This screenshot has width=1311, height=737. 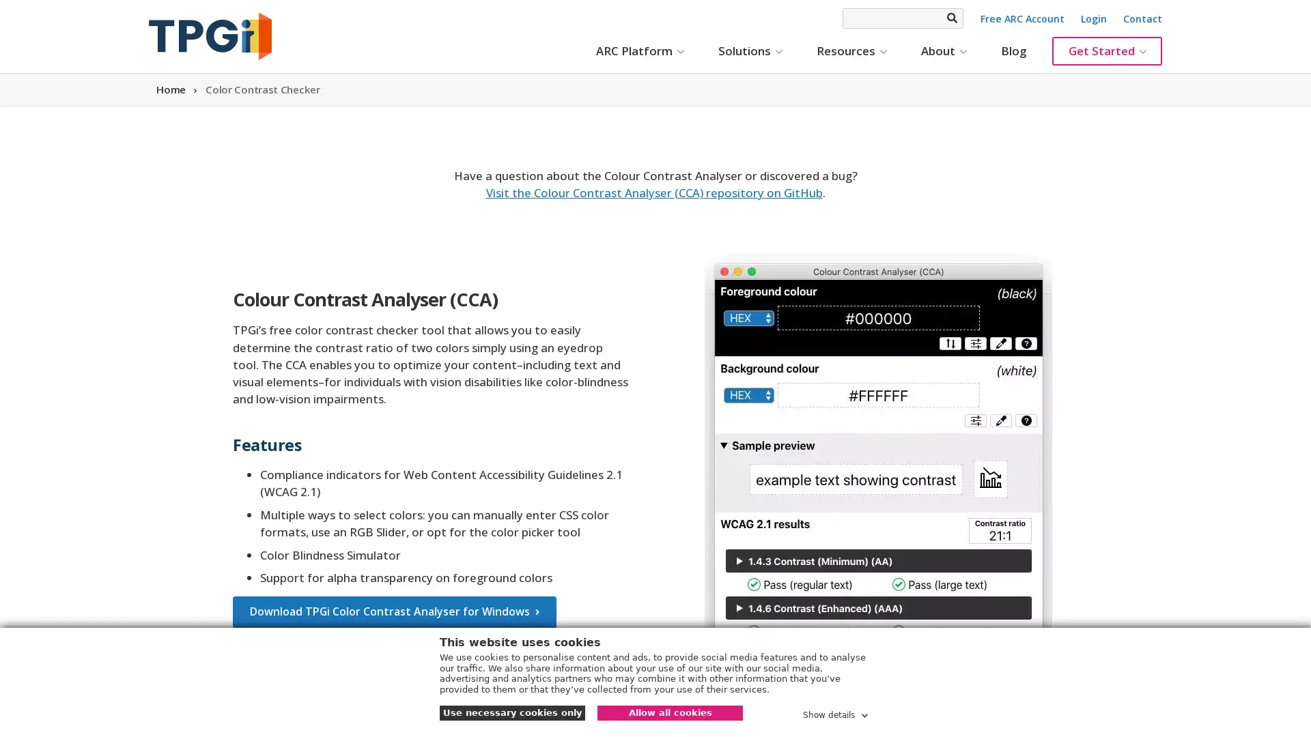 What do you see at coordinates (950, 18) in the screenshot?
I see `Submit Search` at bounding box center [950, 18].